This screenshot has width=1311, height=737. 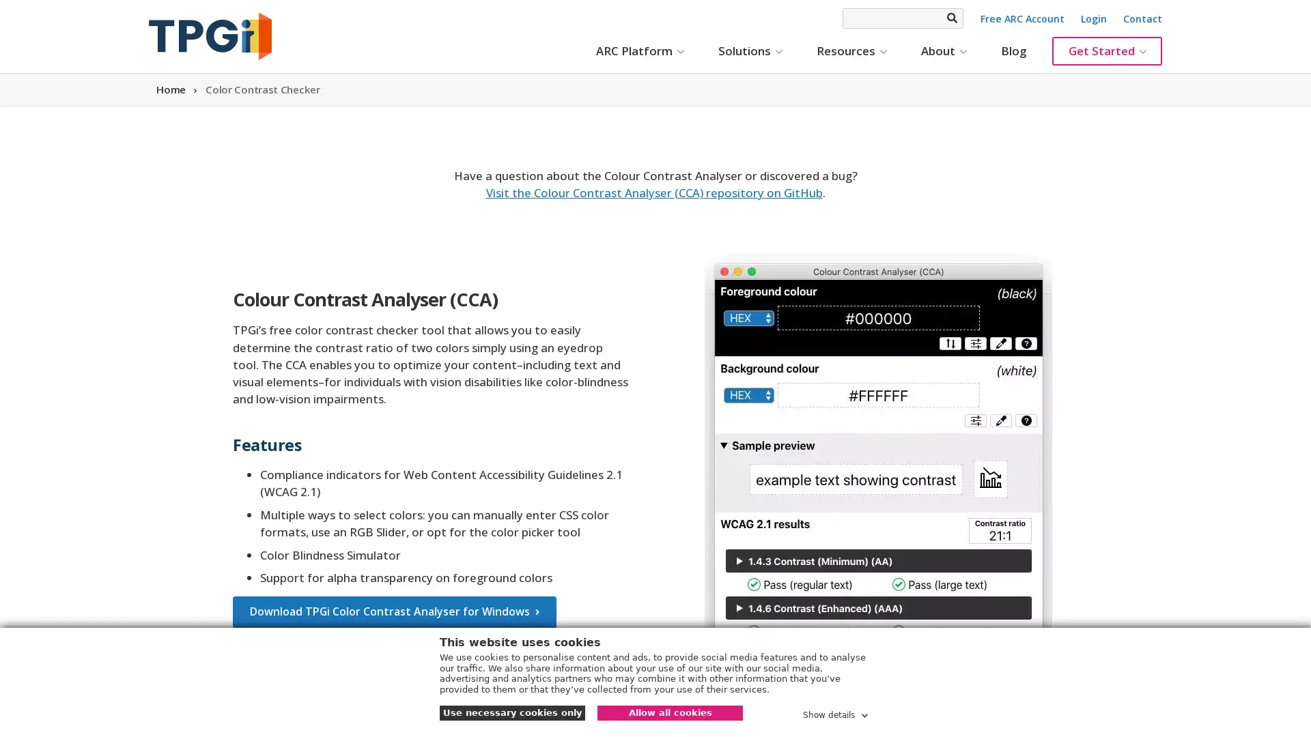 What do you see at coordinates (950, 18) in the screenshot?
I see `Submit Search` at bounding box center [950, 18].